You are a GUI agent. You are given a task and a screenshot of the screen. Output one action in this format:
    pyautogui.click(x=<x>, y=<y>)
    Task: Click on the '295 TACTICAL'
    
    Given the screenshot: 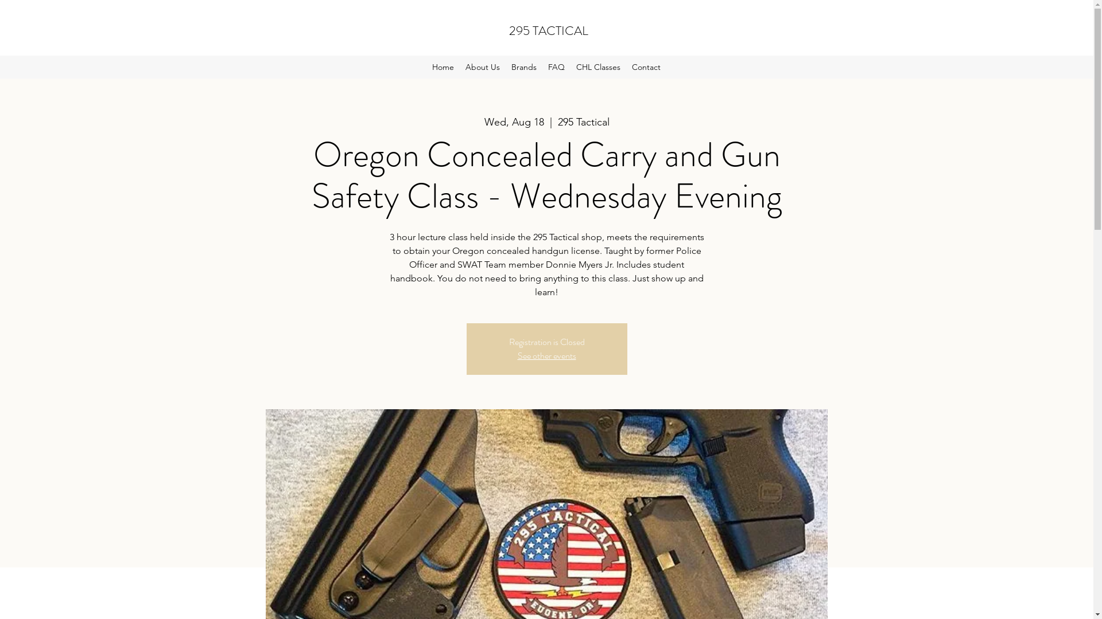 What is the action you would take?
    pyautogui.click(x=509, y=30)
    